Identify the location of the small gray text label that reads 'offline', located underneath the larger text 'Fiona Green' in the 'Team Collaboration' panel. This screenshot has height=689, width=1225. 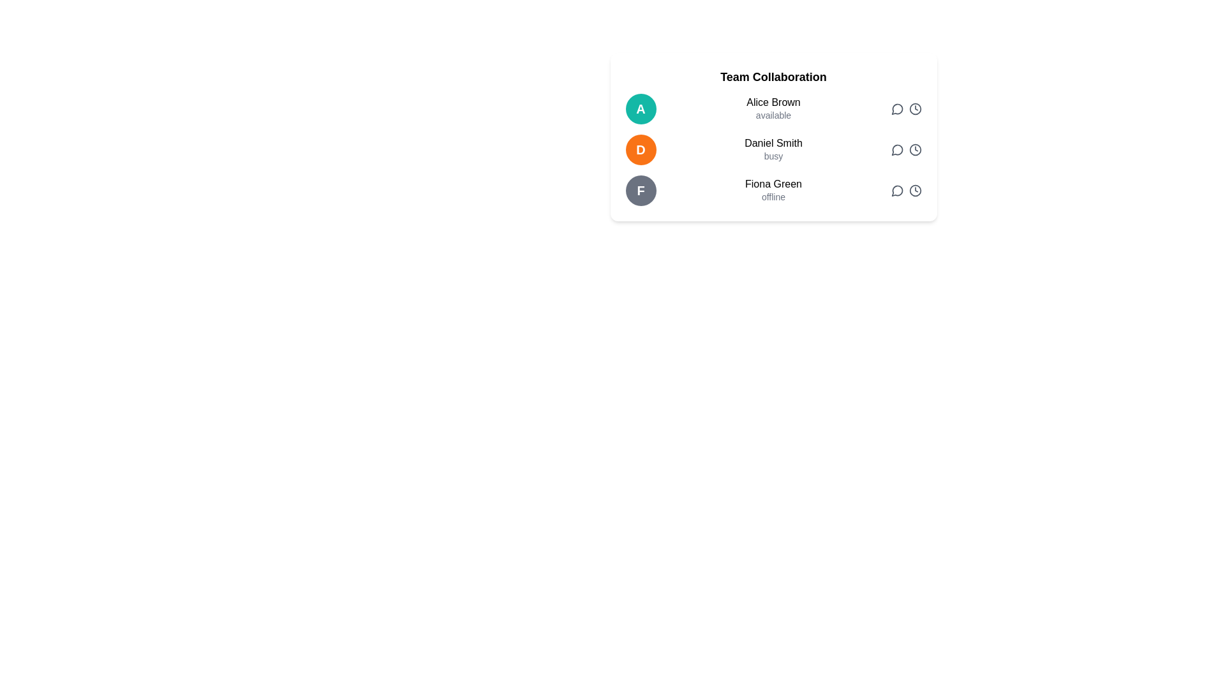
(773, 196).